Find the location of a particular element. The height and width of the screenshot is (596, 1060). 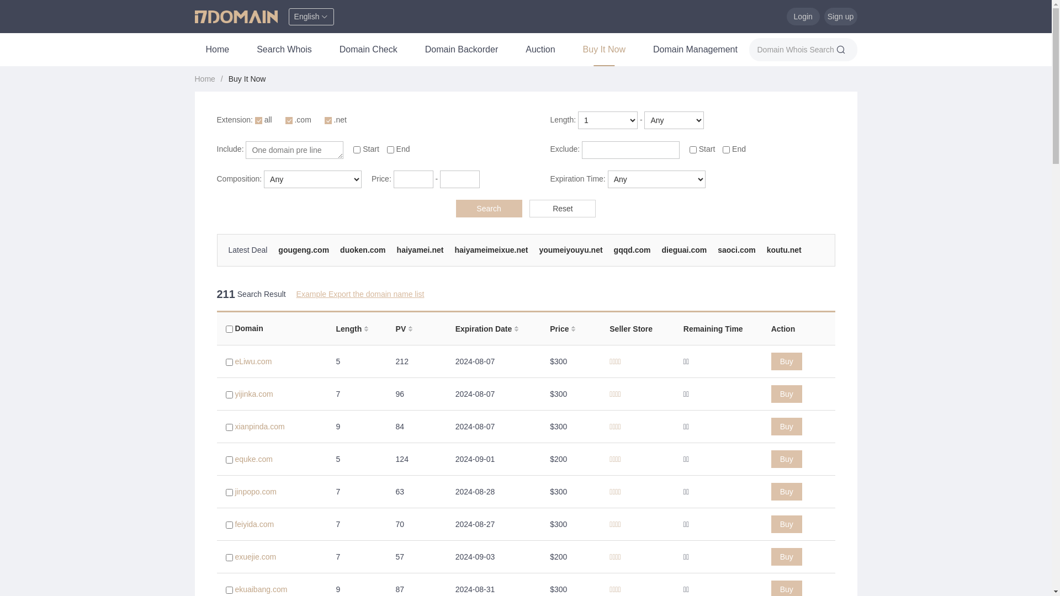

'gougeng.com' is located at coordinates (304, 249).